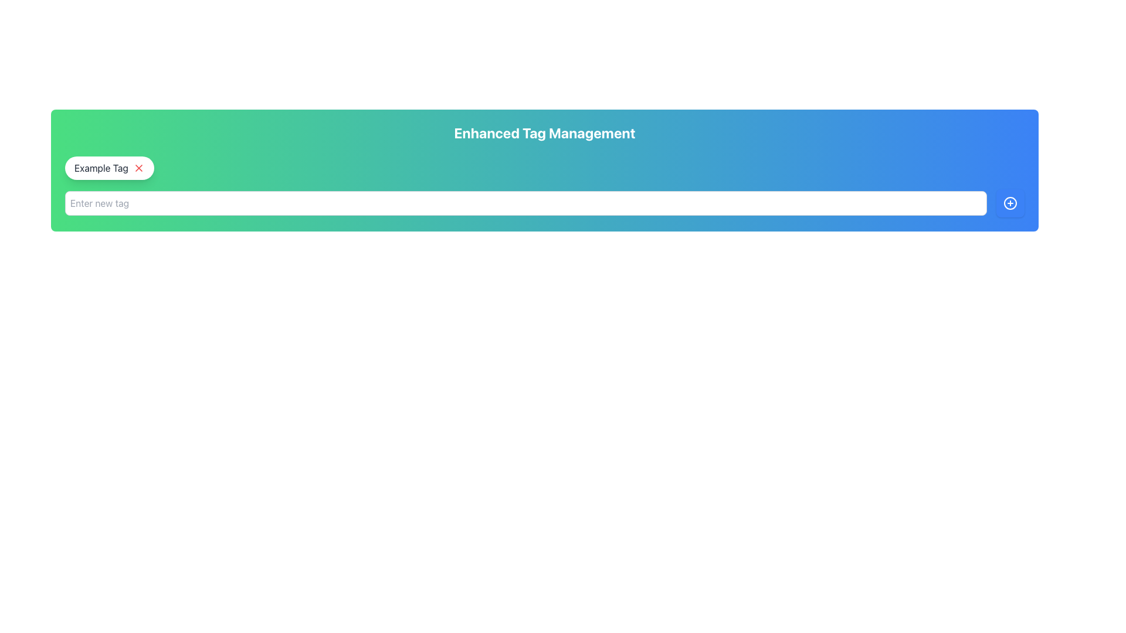 The width and height of the screenshot is (1126, 633). What do you see at coordinates (138, 168) in the screenshot?
I see `the red 'X' close/delete icon located to the right of the text 'Example Tag'` at bounding box center [138, 168].